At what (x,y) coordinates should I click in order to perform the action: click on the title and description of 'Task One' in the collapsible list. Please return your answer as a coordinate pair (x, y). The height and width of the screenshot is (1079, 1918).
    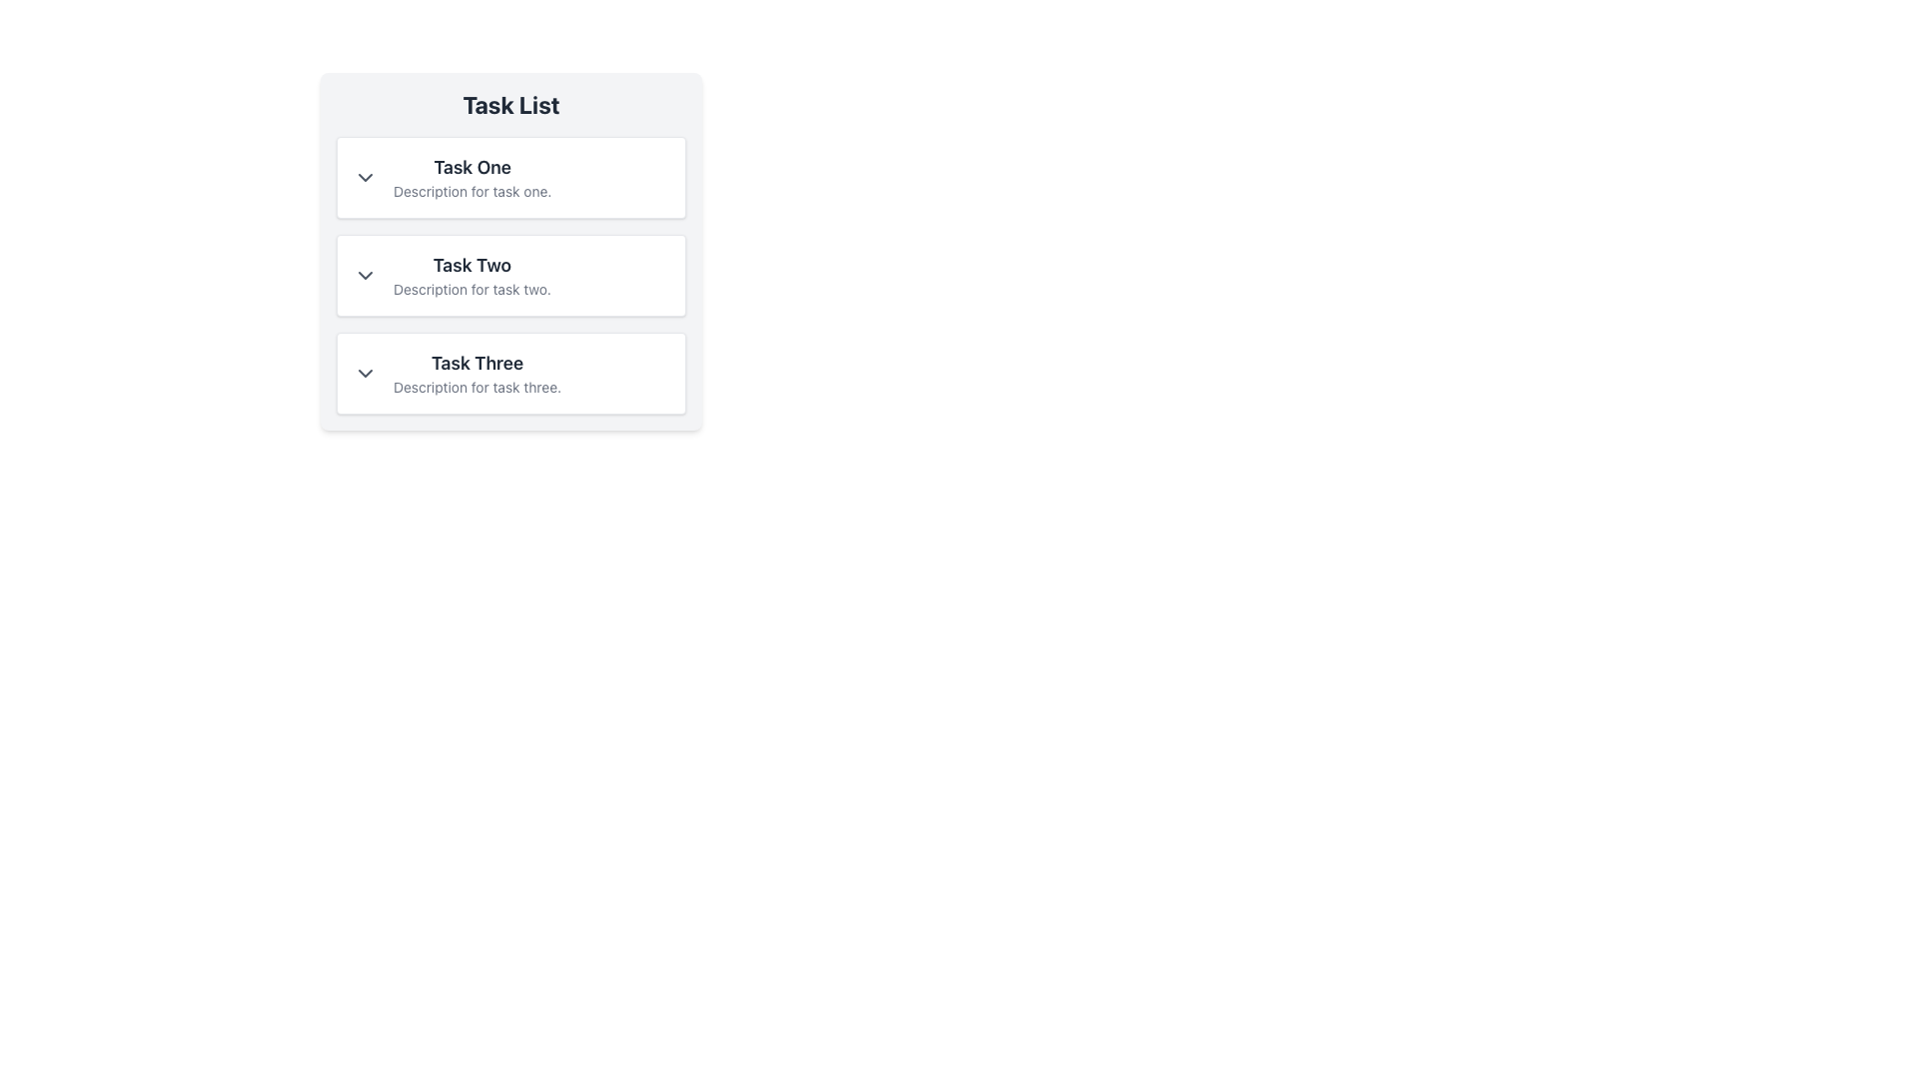
    Looking at the image, I should click on (511, 176).